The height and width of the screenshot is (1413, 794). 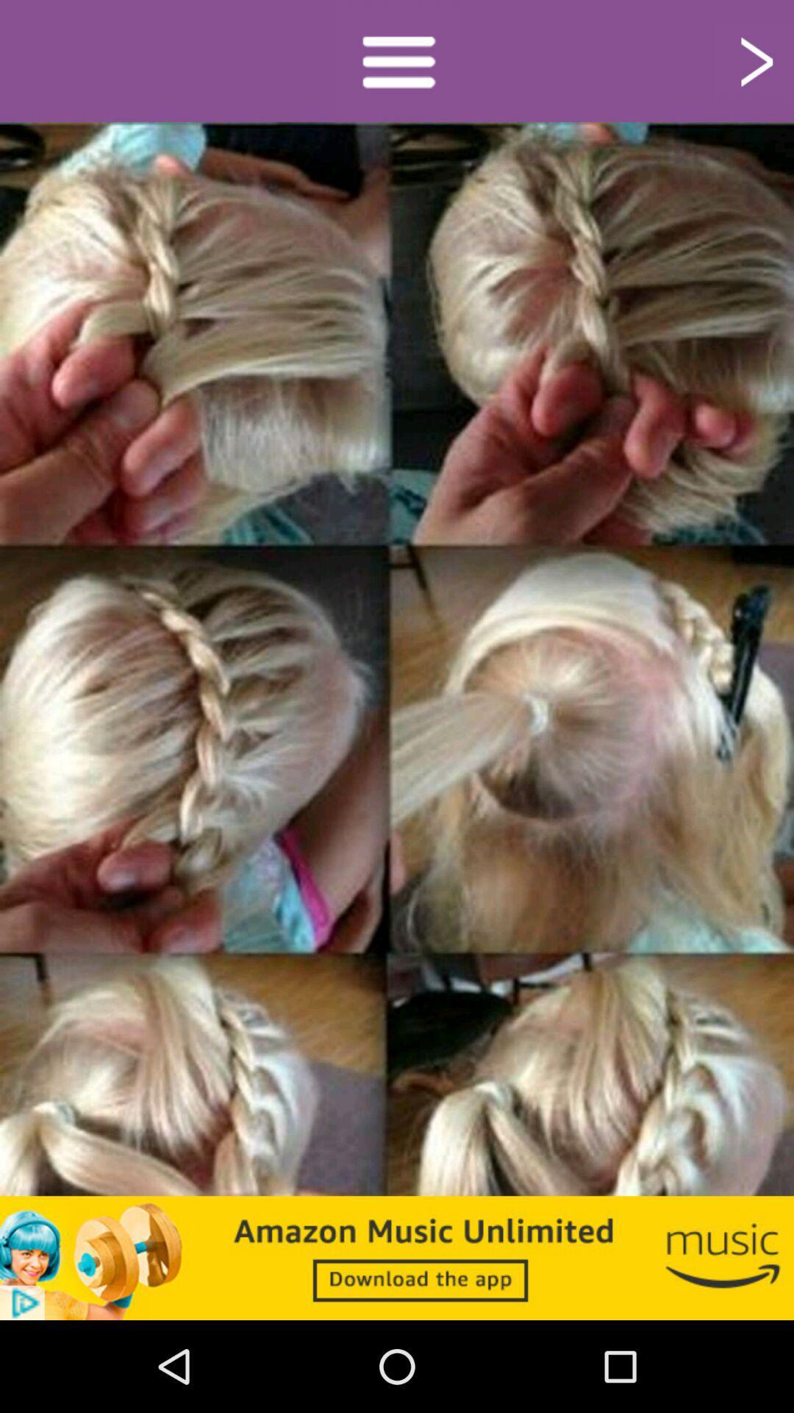 I want to click on next page, so click(x=754, y=60).